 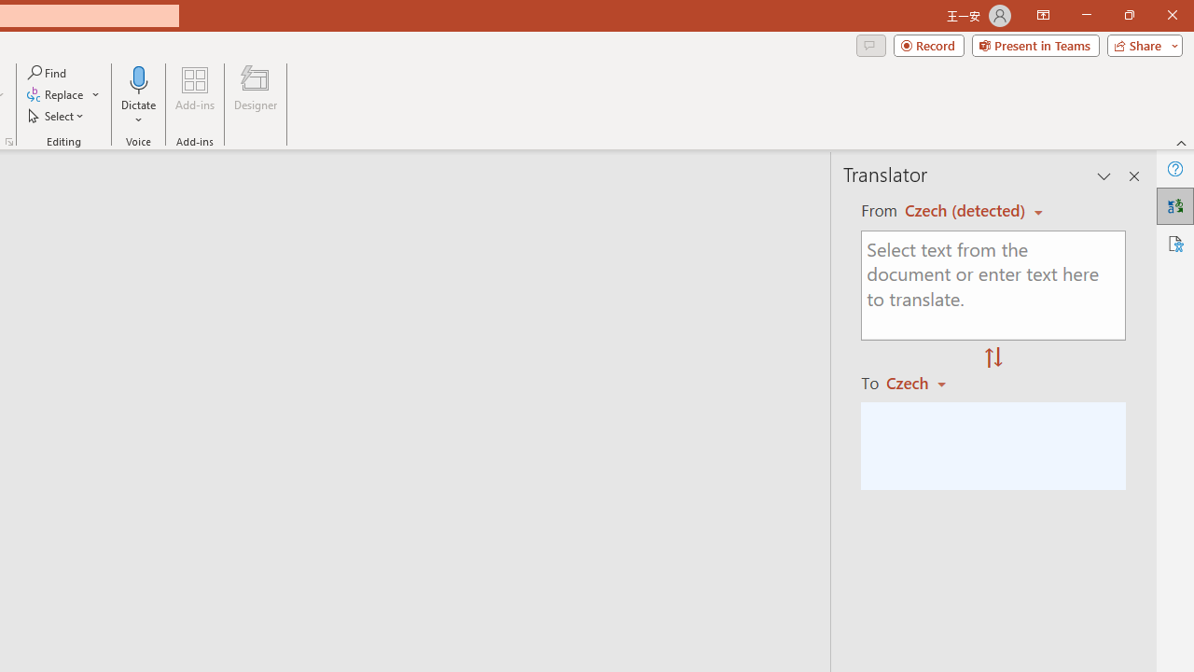 What do you see at coordinates (1140, 44) in the screenshot?
I see `'Share'` at bounding box center [1140, 44].